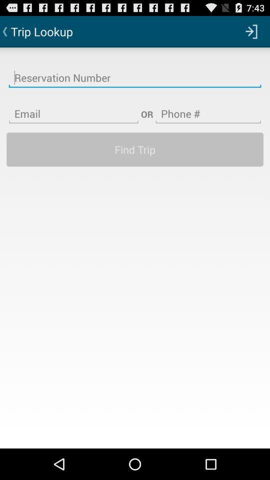  What do you see at coordinates (73, 107) in the screenshot?
I see `the icon to the left of the or icon` at bounding box center [73, 107].